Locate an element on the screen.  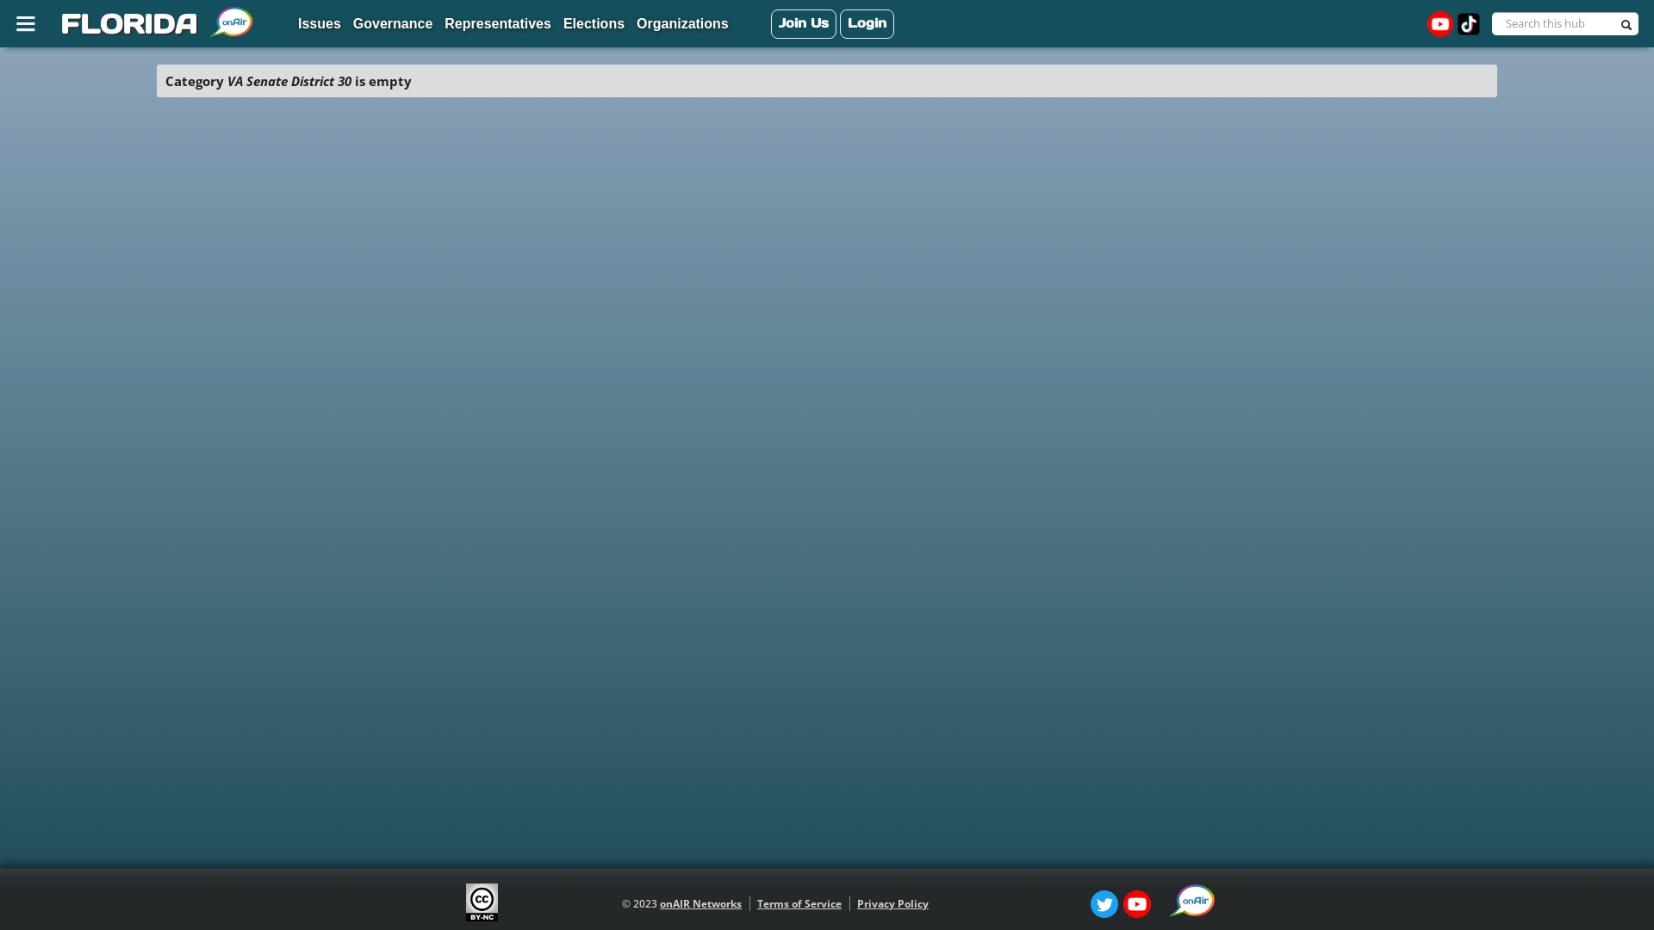
'Organizations' is located at coordinates (681, 25).